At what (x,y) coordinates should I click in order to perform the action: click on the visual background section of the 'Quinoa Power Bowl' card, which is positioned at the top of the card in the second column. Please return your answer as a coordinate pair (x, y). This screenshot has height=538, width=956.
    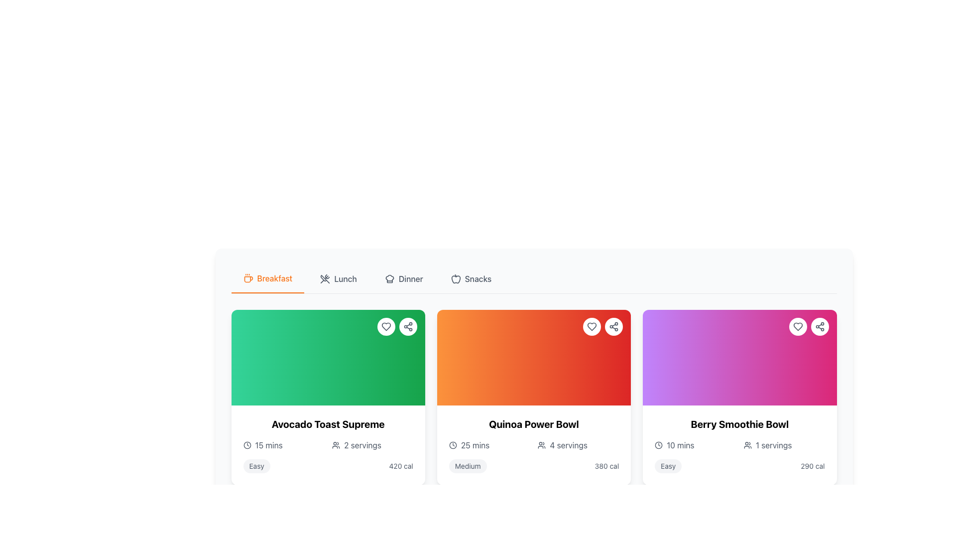
    Looking at the image, I should click on (533, 357).